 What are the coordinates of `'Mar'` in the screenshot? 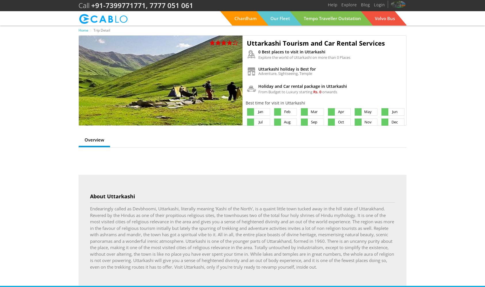 It's located at (314, 112).